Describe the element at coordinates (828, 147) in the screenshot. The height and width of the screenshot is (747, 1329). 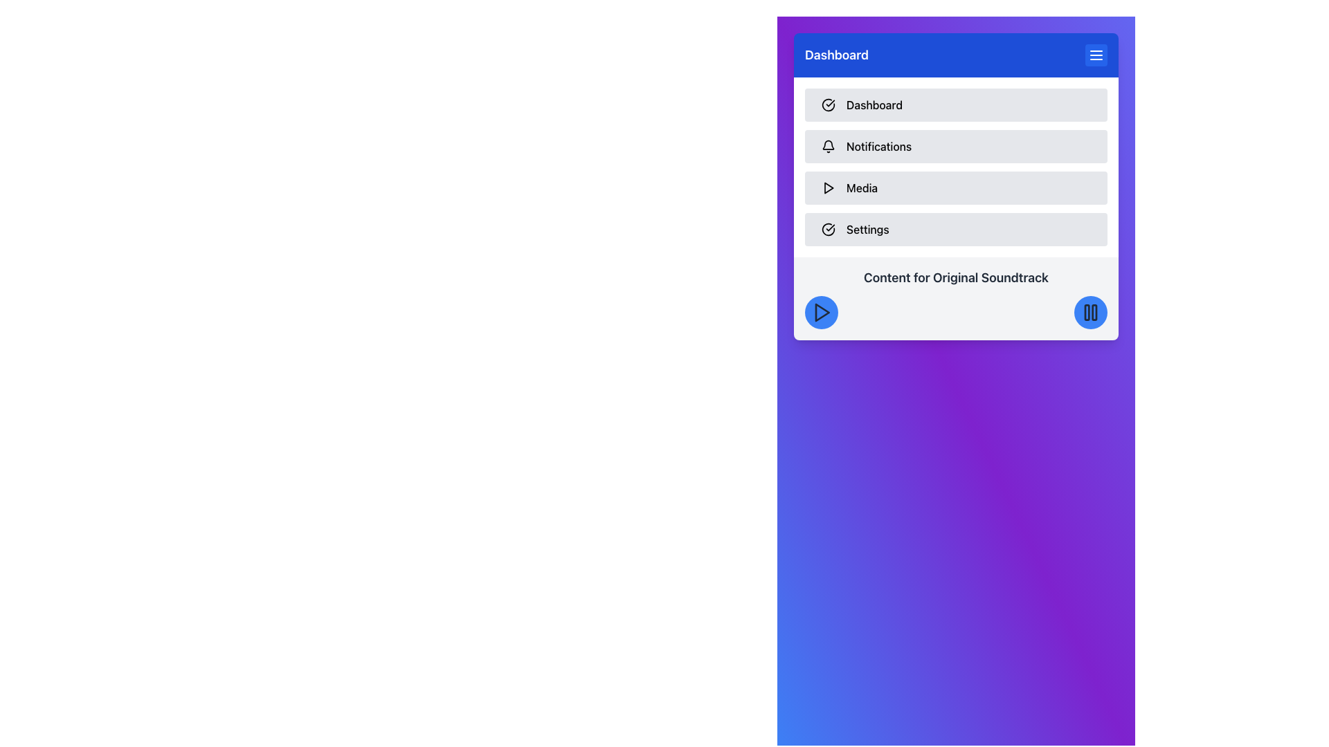
I see `the representation of the Notifications icon located within the Notifications menu item, which is the second item in the Dashboard section` at that location.